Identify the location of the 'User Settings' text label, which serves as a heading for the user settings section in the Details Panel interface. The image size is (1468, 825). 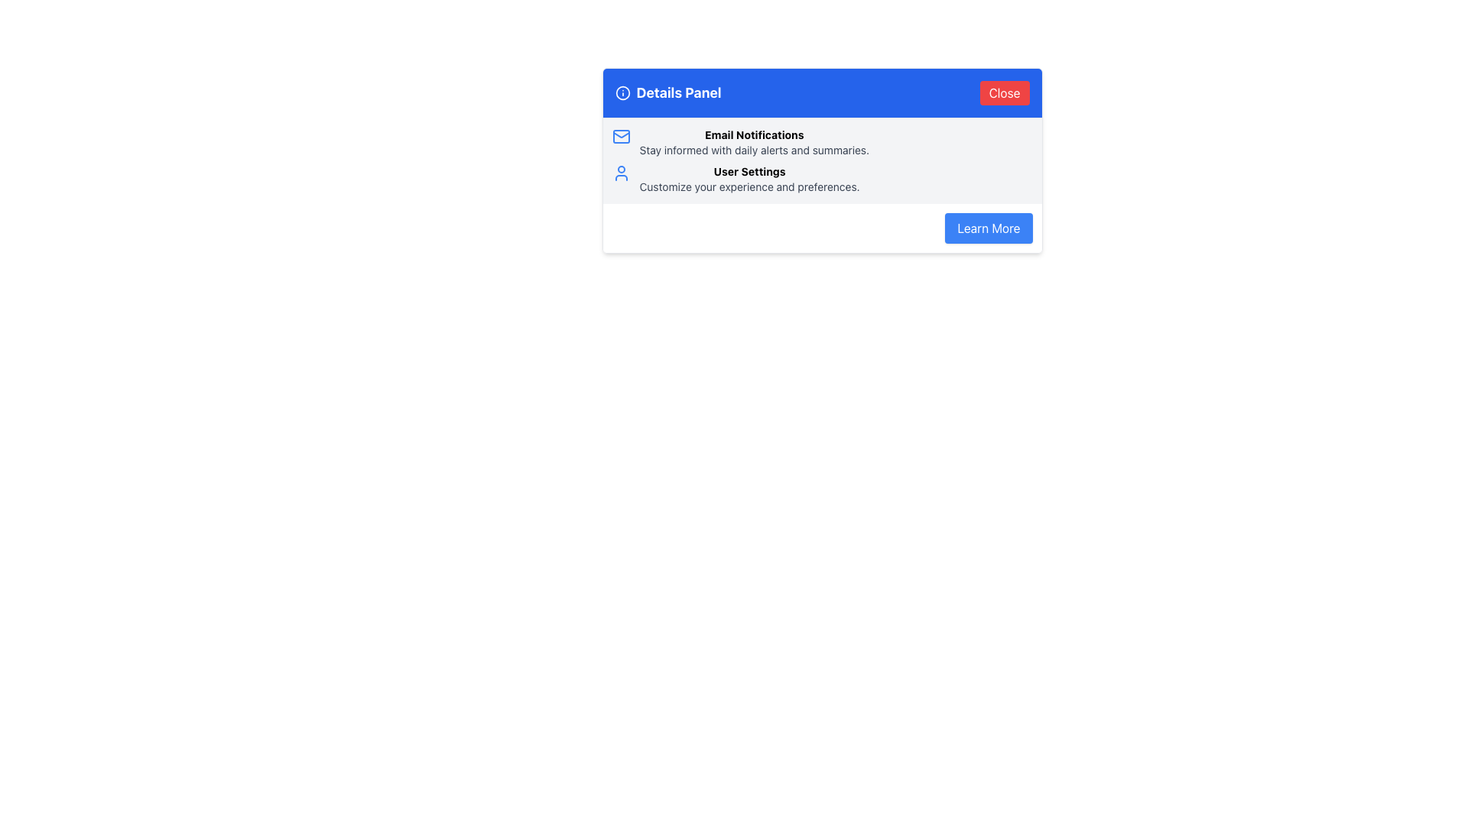
(749, 171).